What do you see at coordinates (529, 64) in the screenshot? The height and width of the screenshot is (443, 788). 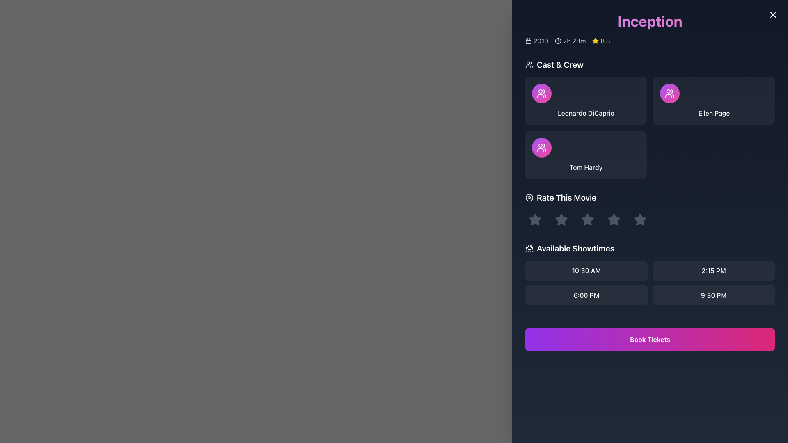 I see `the 'Cast & Crew' icon located in the header section, which visually represents the section's purpose and is positioned to the left of the 'Cast & Crew' title text` at bounding box center [529, 64].